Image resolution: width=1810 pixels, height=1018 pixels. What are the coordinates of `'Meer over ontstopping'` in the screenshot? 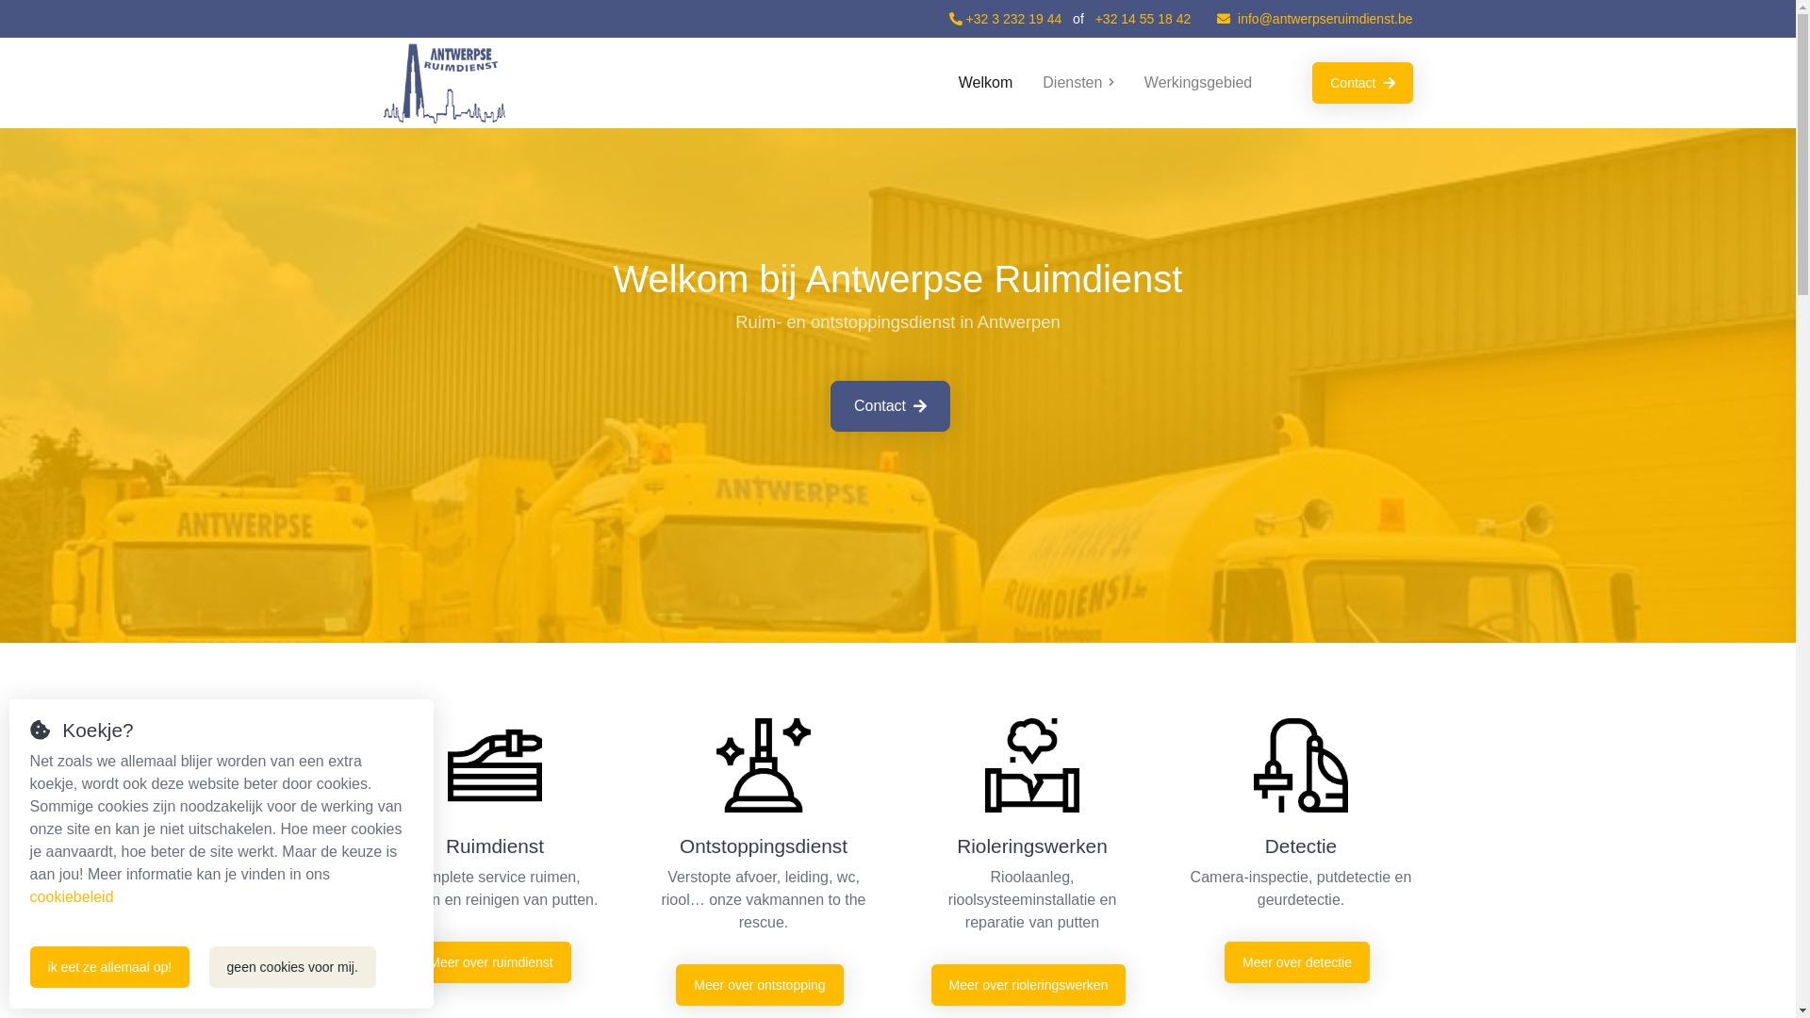 It's located at (675, 984).